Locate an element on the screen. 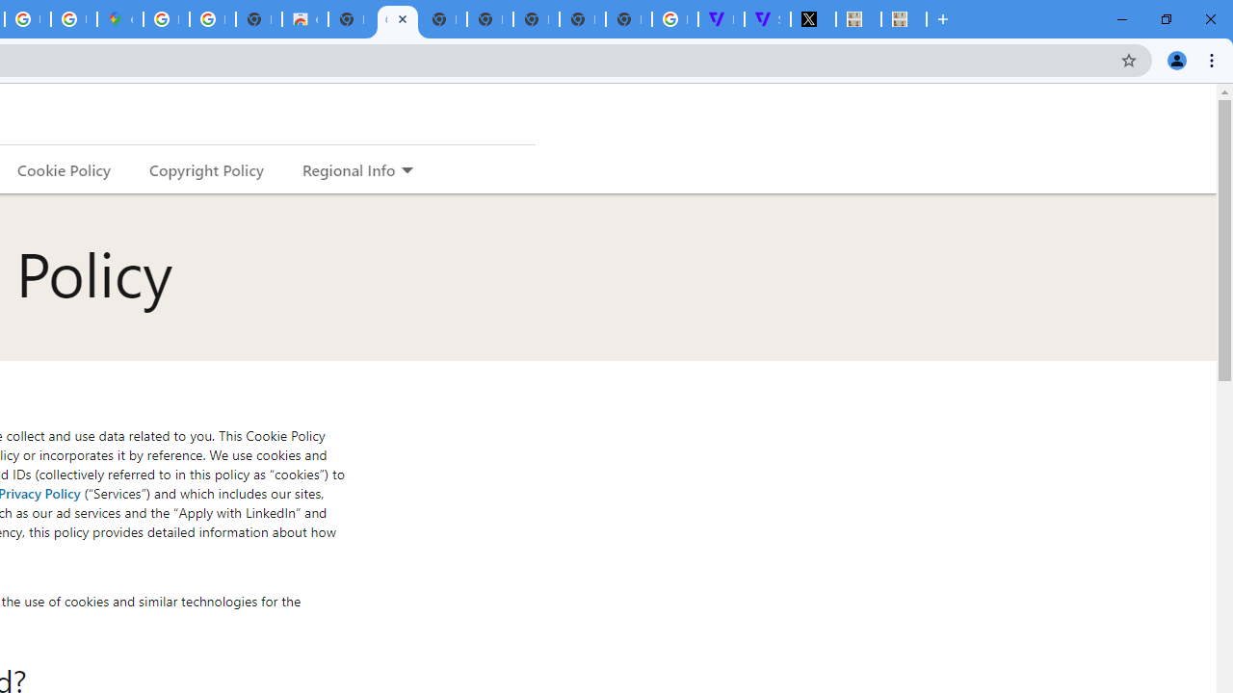 The image size is (1233, 693). 'Expand to show more links for Regional Info' is located at coordinates (406, 170).